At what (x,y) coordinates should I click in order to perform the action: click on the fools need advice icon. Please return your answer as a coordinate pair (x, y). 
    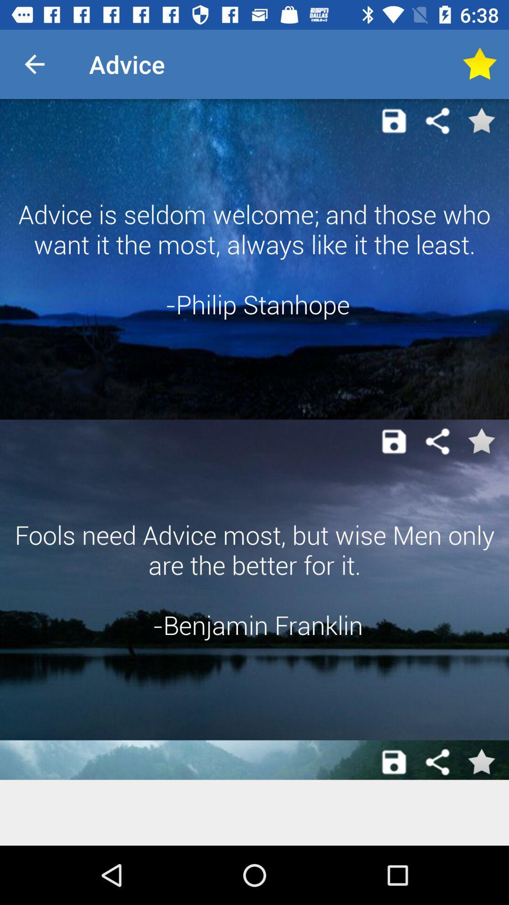
    Looking at the image, I should click on (254, 579).